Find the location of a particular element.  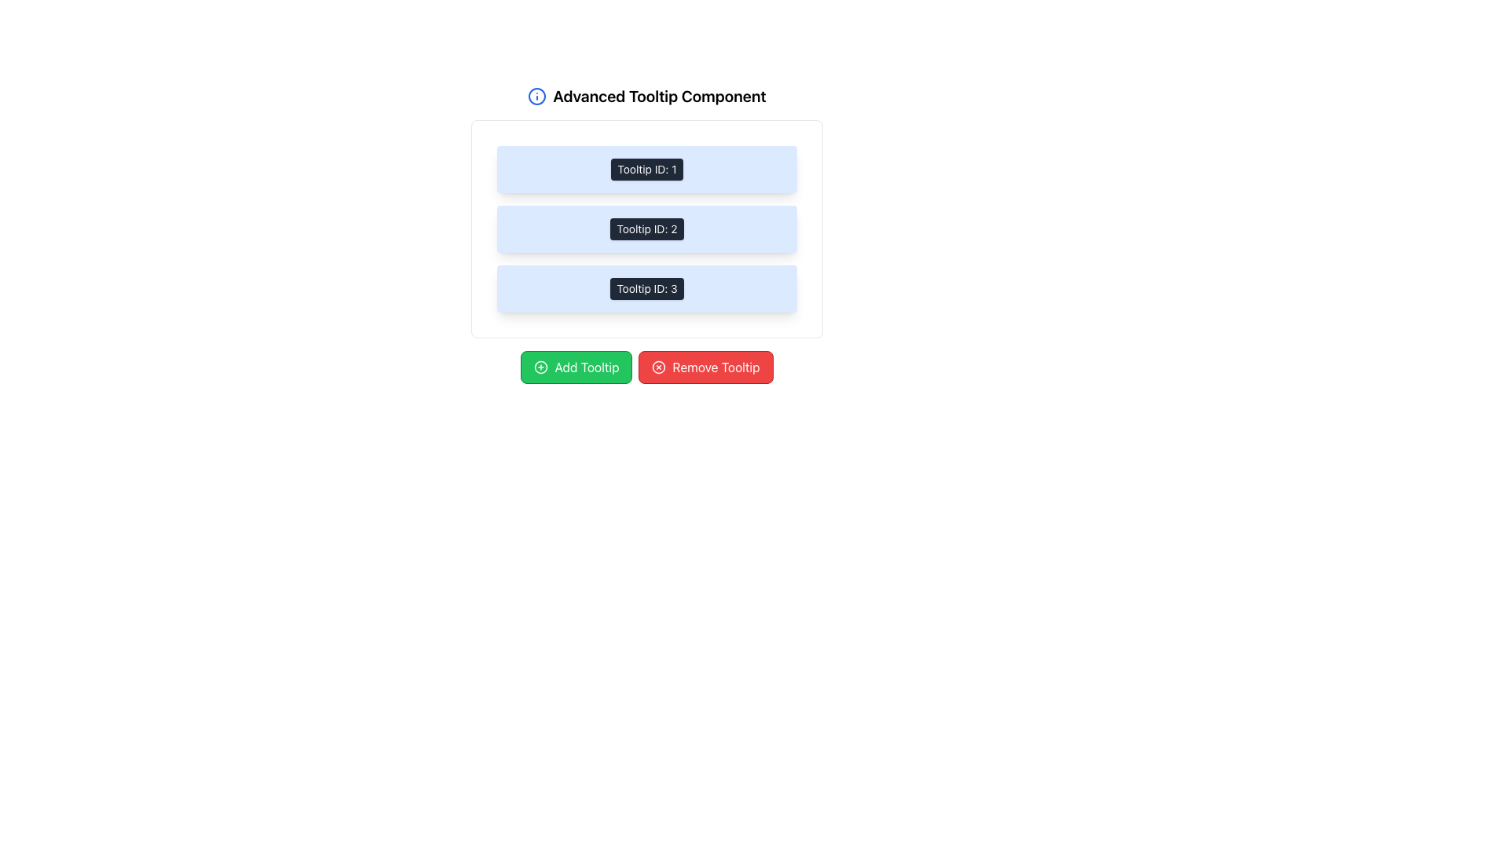

the icon on the left side of the 'Remove Tooltip' button is located at coordinates (659, 367).